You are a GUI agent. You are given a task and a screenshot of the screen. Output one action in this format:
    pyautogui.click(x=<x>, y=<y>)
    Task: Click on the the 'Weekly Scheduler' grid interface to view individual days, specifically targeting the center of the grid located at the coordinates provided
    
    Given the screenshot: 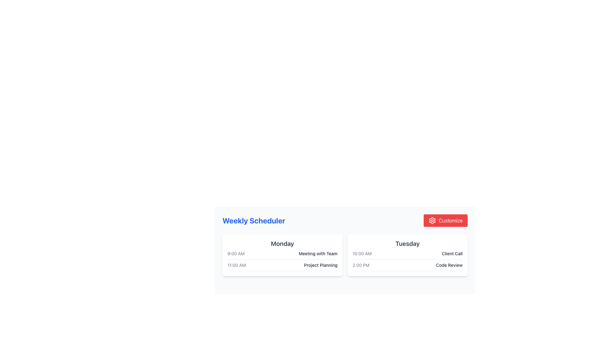 What is the action you would take?
    pyautogui.click(x=344, y=255)
    